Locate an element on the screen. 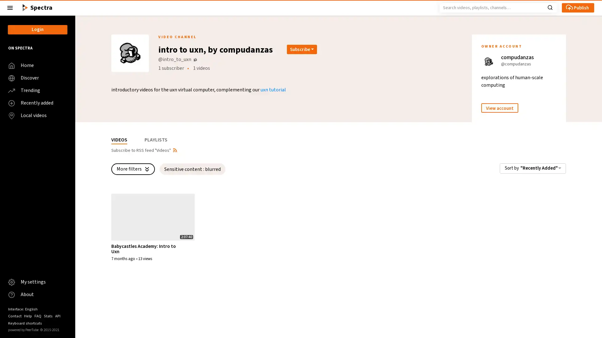 The height and width of the screenshot is (338, 602). Open subscription dropdown is located at coordinates (302, 49).